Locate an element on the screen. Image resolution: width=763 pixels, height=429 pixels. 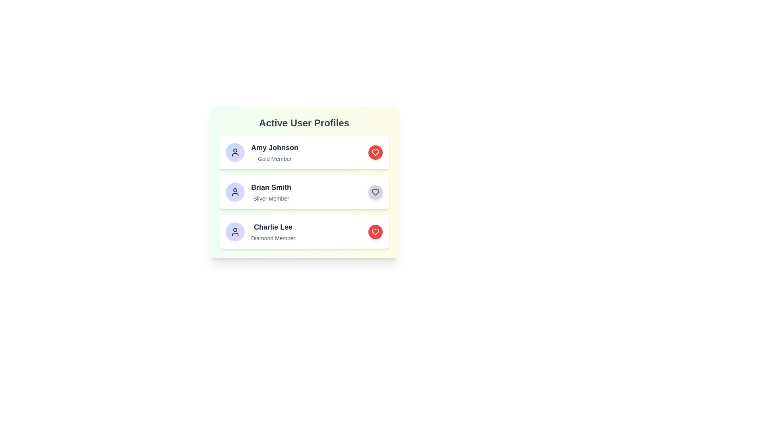
the circular user profile picture placeholder for 'Brian Smith', which has a blue to purple gradient and a dark gray user icon in the center is located at coordinates (234, 192).